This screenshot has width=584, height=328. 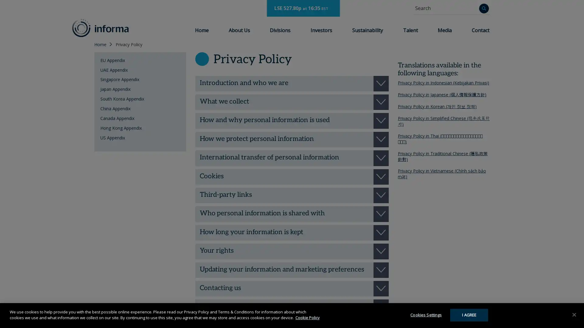 I want to click on Close, so click(x=574, y=314).